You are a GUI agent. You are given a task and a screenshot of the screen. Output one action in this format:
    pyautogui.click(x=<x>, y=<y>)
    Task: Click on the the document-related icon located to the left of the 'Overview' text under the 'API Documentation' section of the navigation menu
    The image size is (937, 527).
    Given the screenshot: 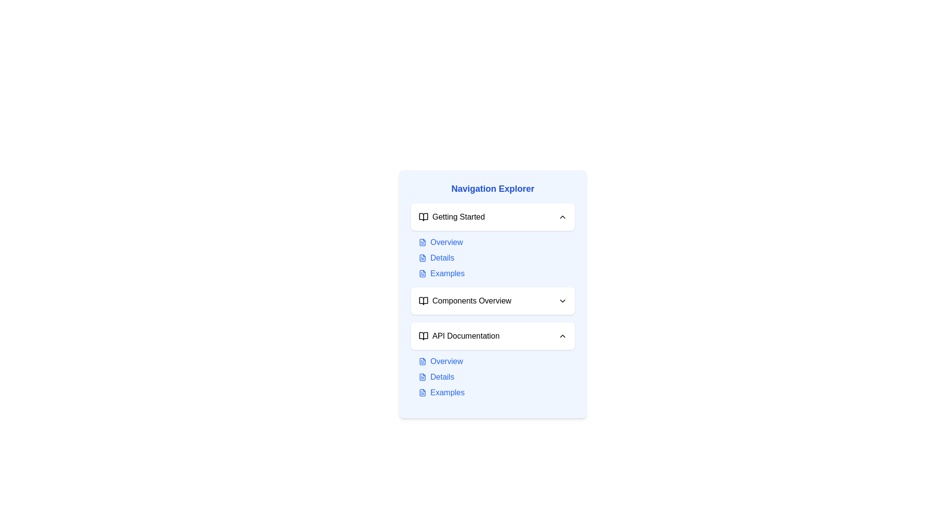 What is the action you would take?
    pyautogui.click(x=422, y=361)
    